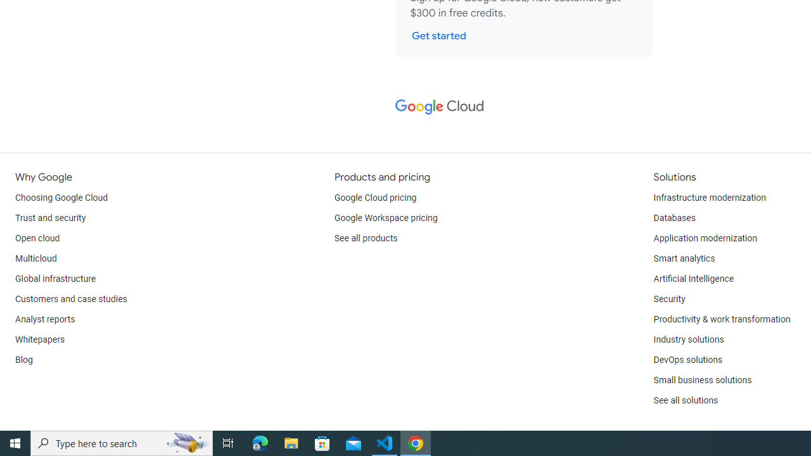 The width and height of the screenshot is (811, 456). I want to click on 'Artificial Intelligence', so click(693, 279).